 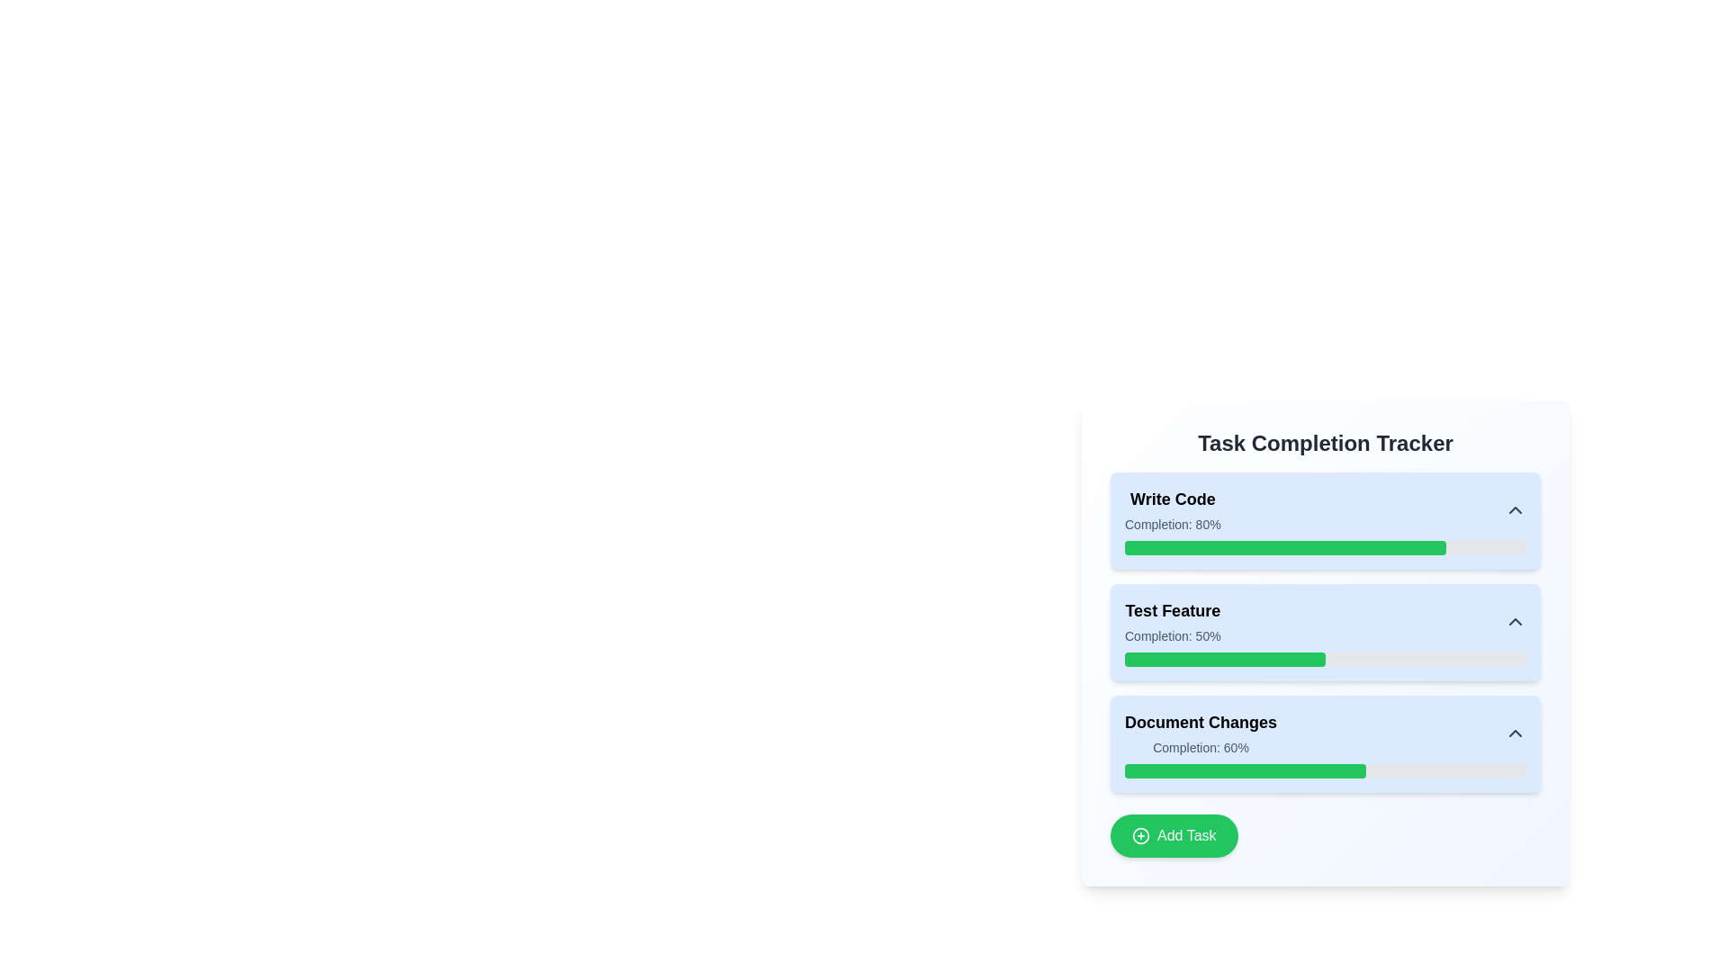 What do you see at coordinates (1173, 510) in the screenshot?
I see `the 'Write Code' status display component in the 'Task Completion Tracker' widget` at bounding box center [1173, 510].